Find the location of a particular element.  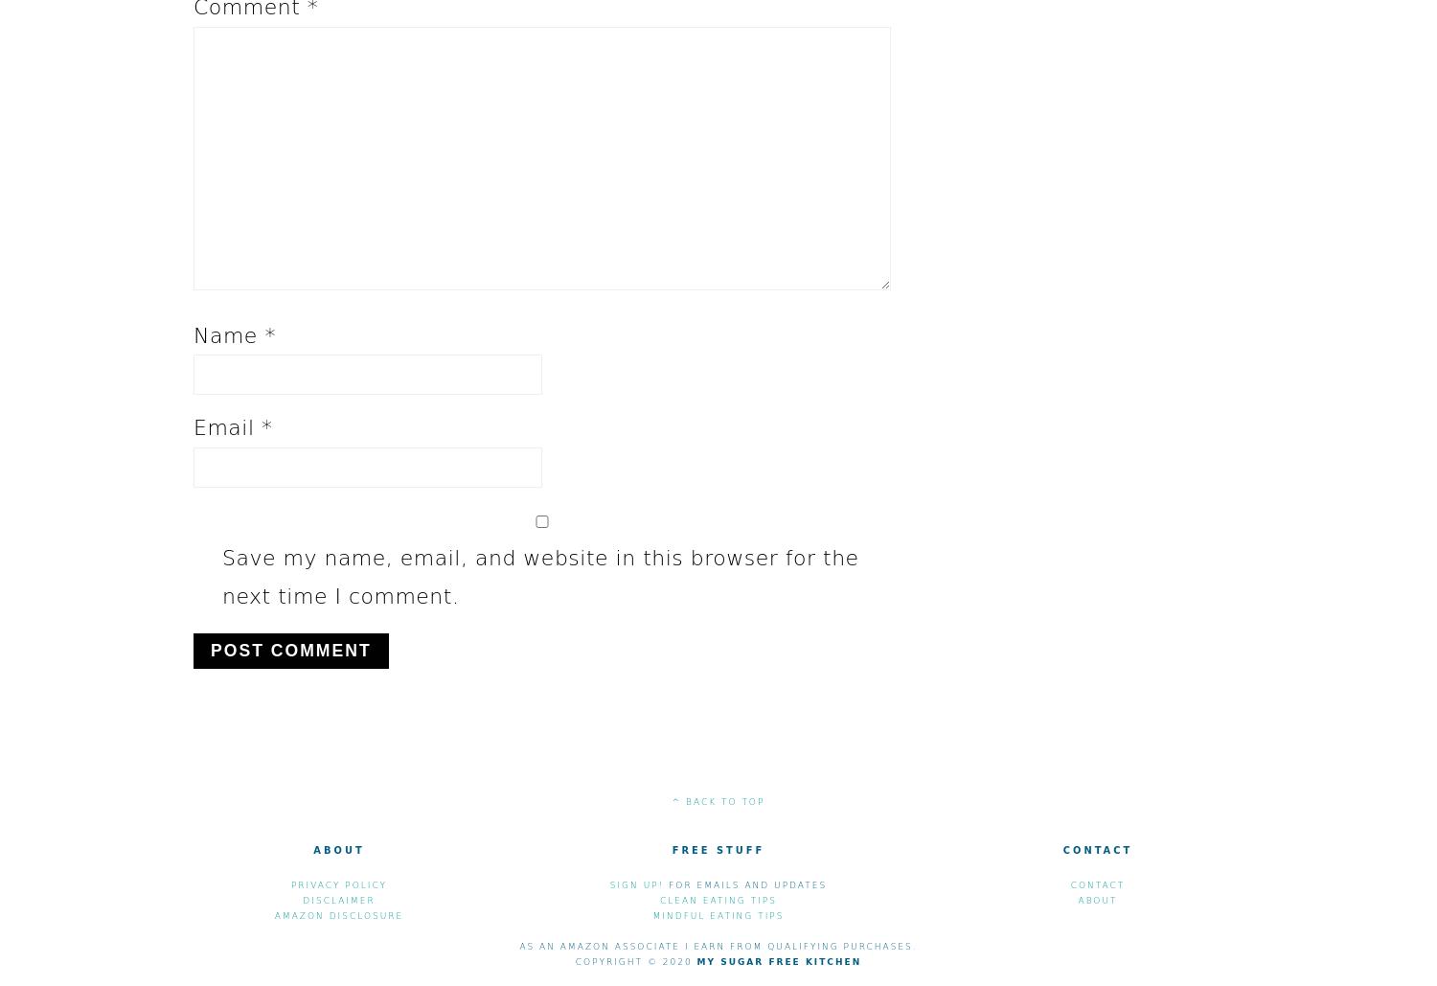

'Clean eating Tips' is located at coordinates (717, 899).